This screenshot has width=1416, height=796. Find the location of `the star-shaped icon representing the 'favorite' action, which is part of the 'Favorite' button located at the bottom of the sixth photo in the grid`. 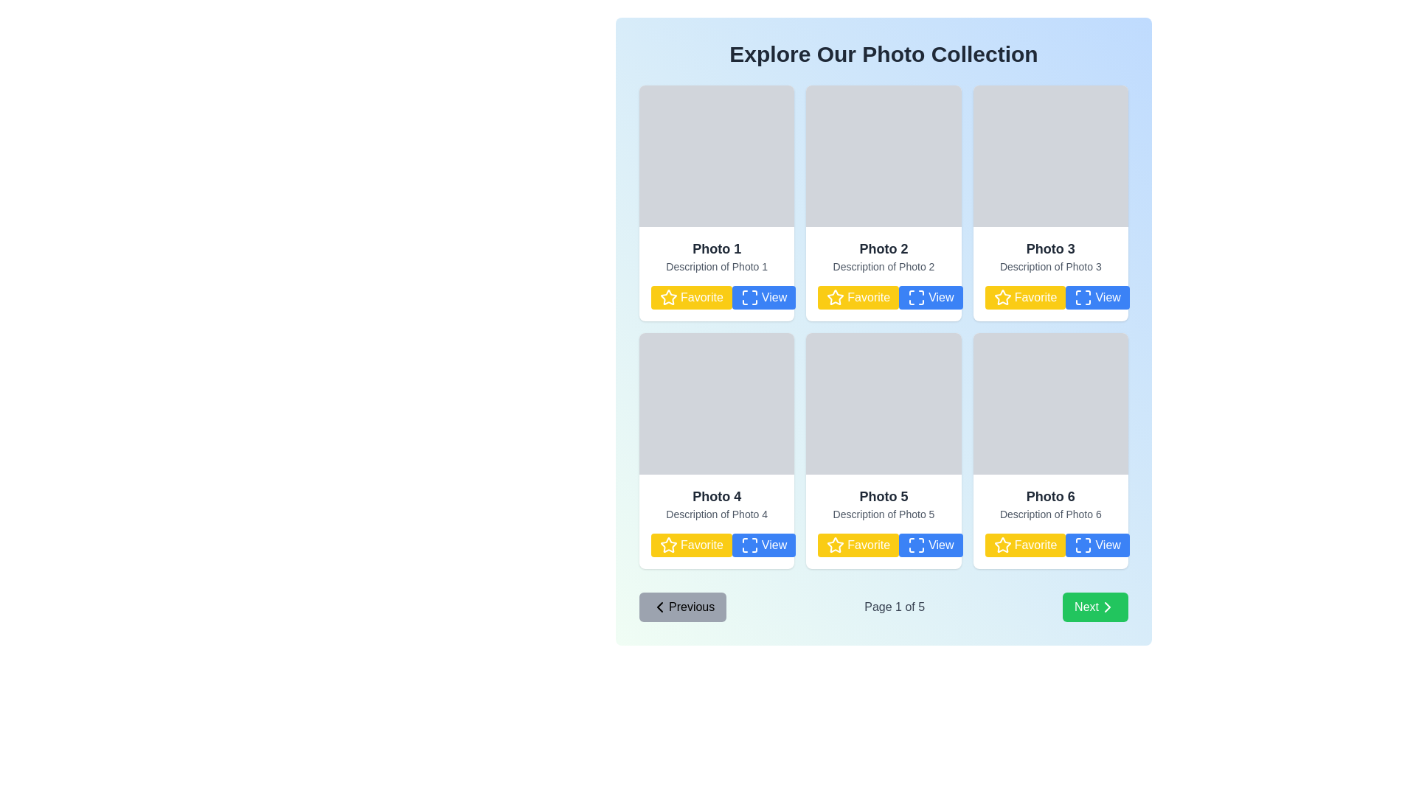

the star-shaped icon representing the 'favorite' action, which is part of the 'Favorite' button located at the bottom of the sixth photo in the grid is located at coordinates (1002, 545).